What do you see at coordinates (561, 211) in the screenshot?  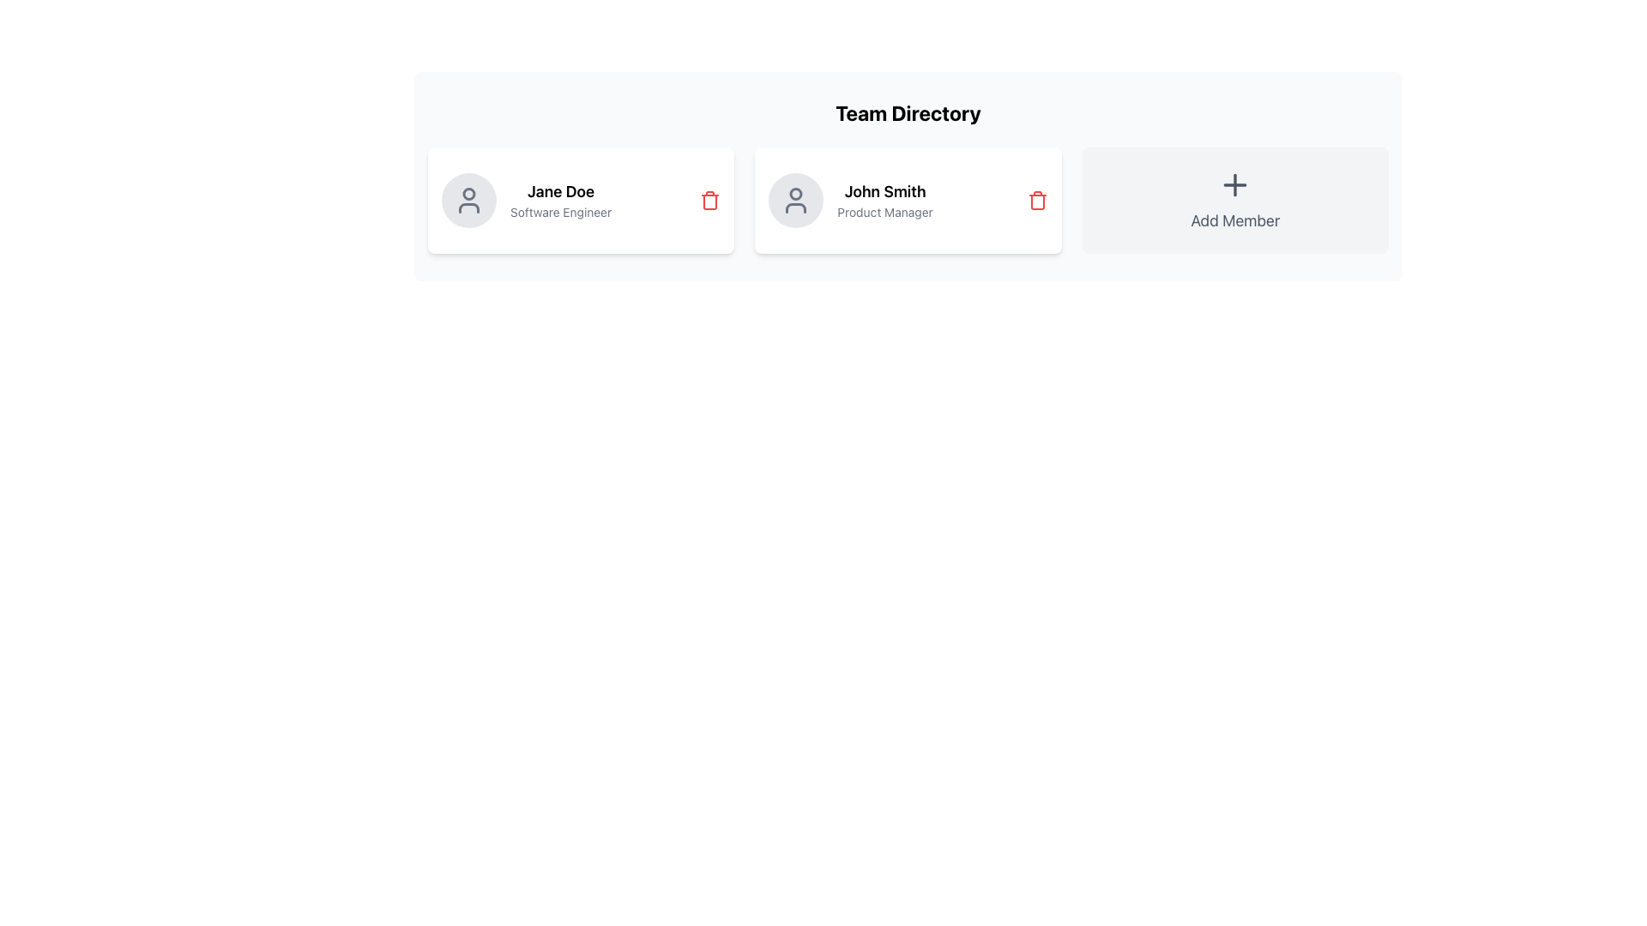 I see `the non-interactive text label that displays the role or title associated with the individual beneath 'Jane Doe' in the Team Directory layout` at bounding box center [561, 211].